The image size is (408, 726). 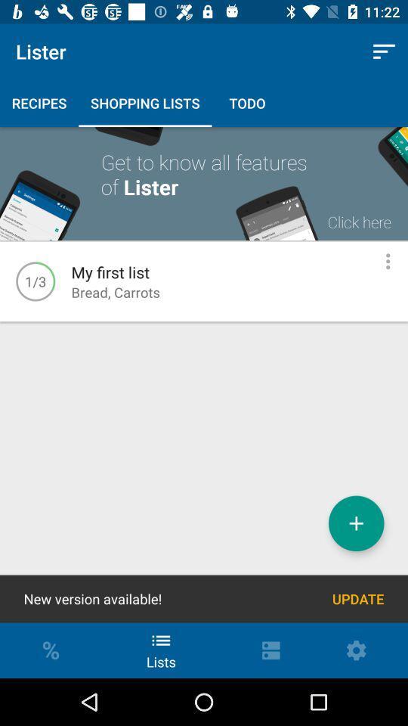 I want to click on open menu, so click(x=388, y=261).